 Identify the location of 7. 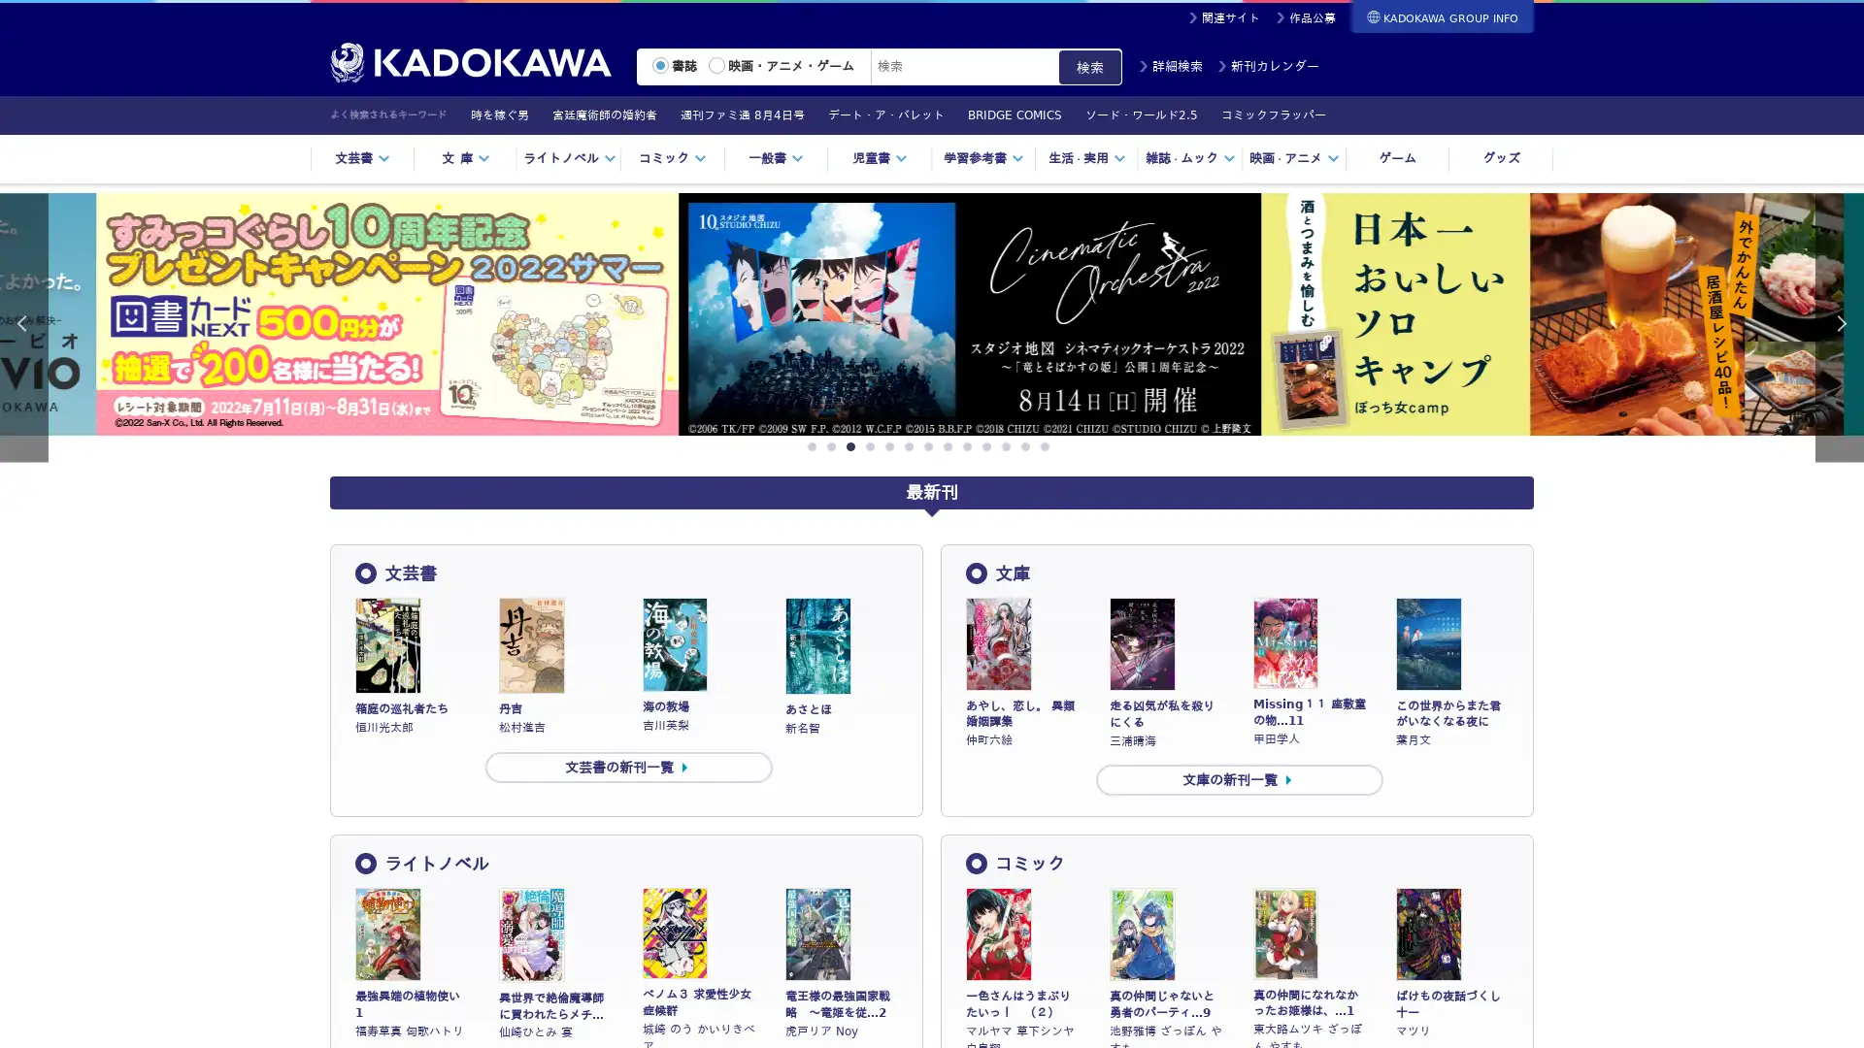
(932, 447).